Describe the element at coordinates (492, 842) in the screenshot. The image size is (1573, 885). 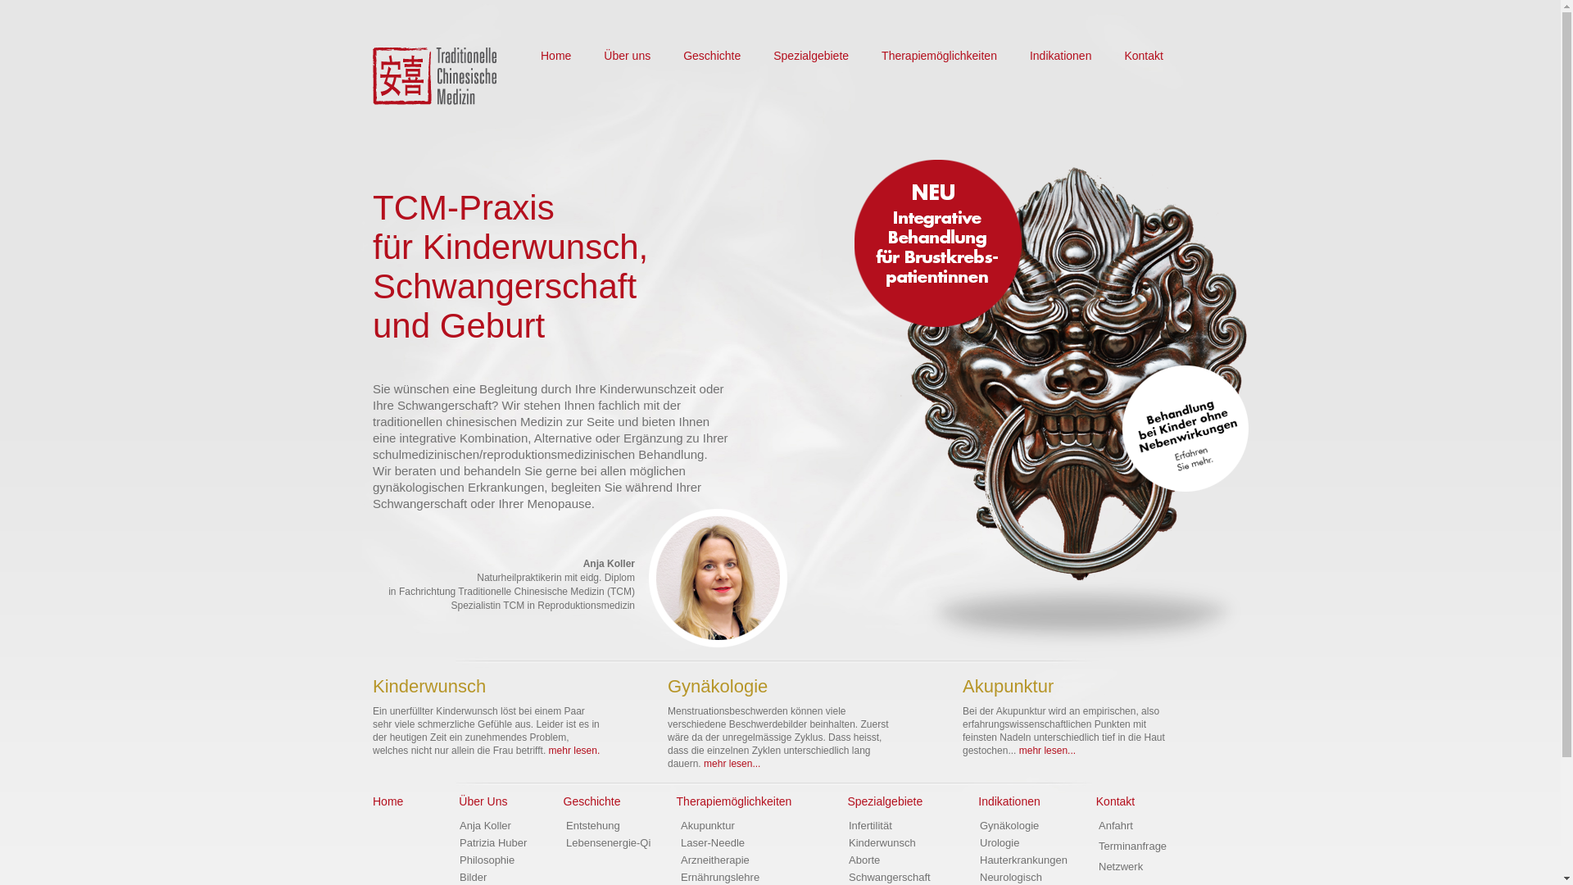
I see `'Patrizia Huber'` at that location.